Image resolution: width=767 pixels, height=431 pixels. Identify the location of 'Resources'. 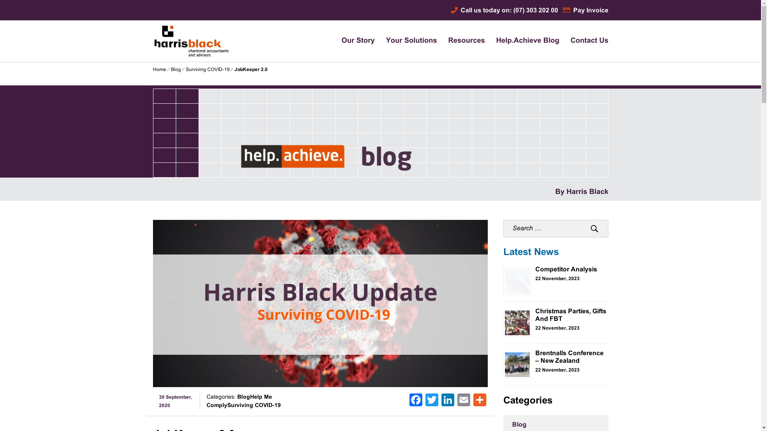
(448, 41).